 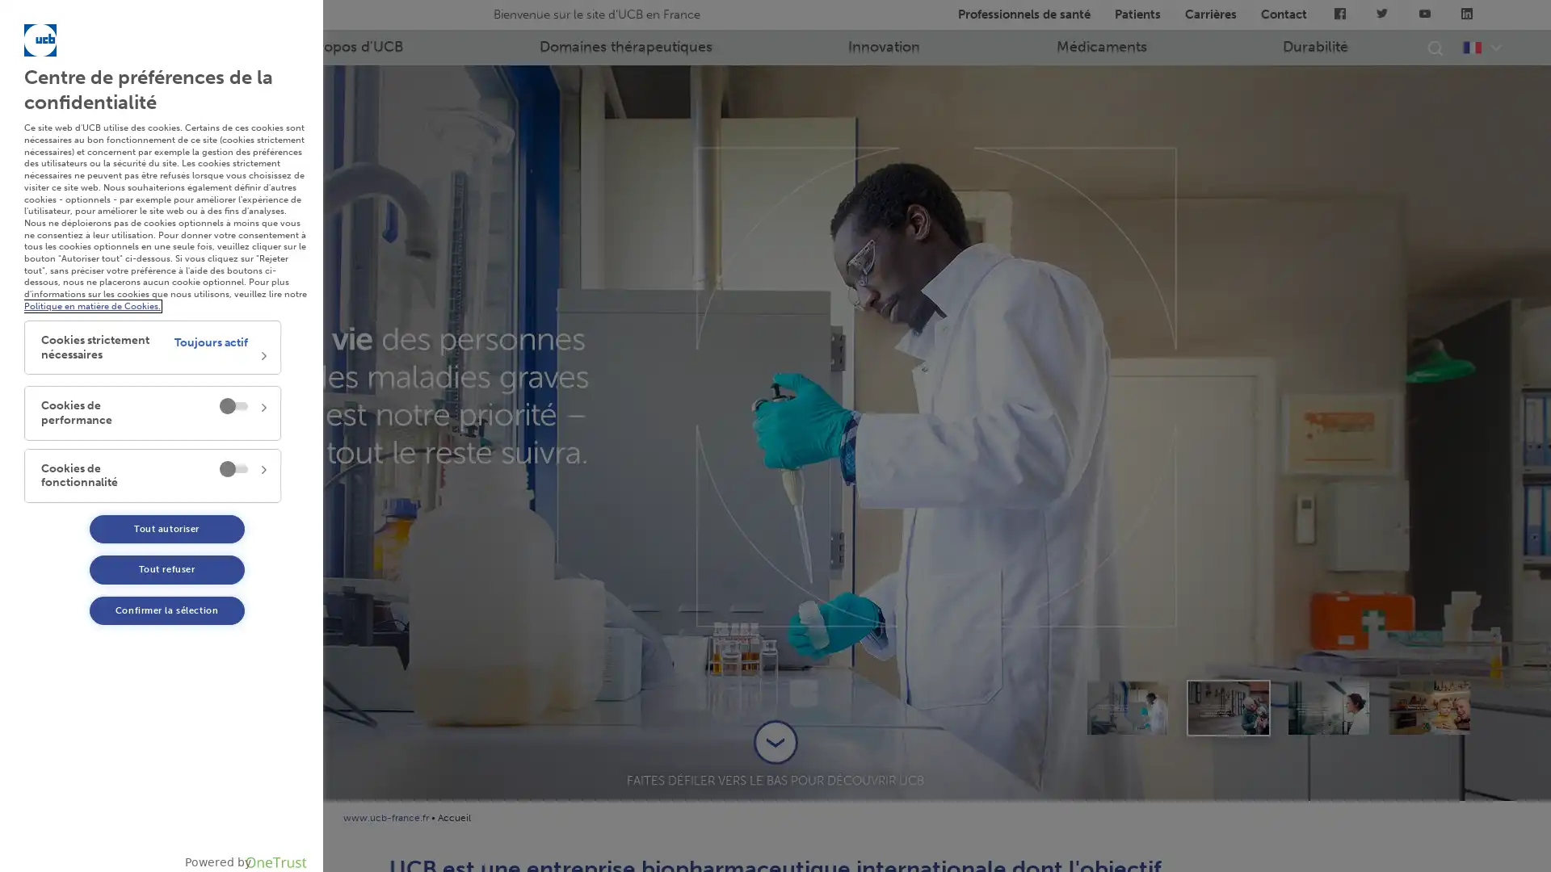 I want to click on Patient UCB, so click(x=1429, y=706).